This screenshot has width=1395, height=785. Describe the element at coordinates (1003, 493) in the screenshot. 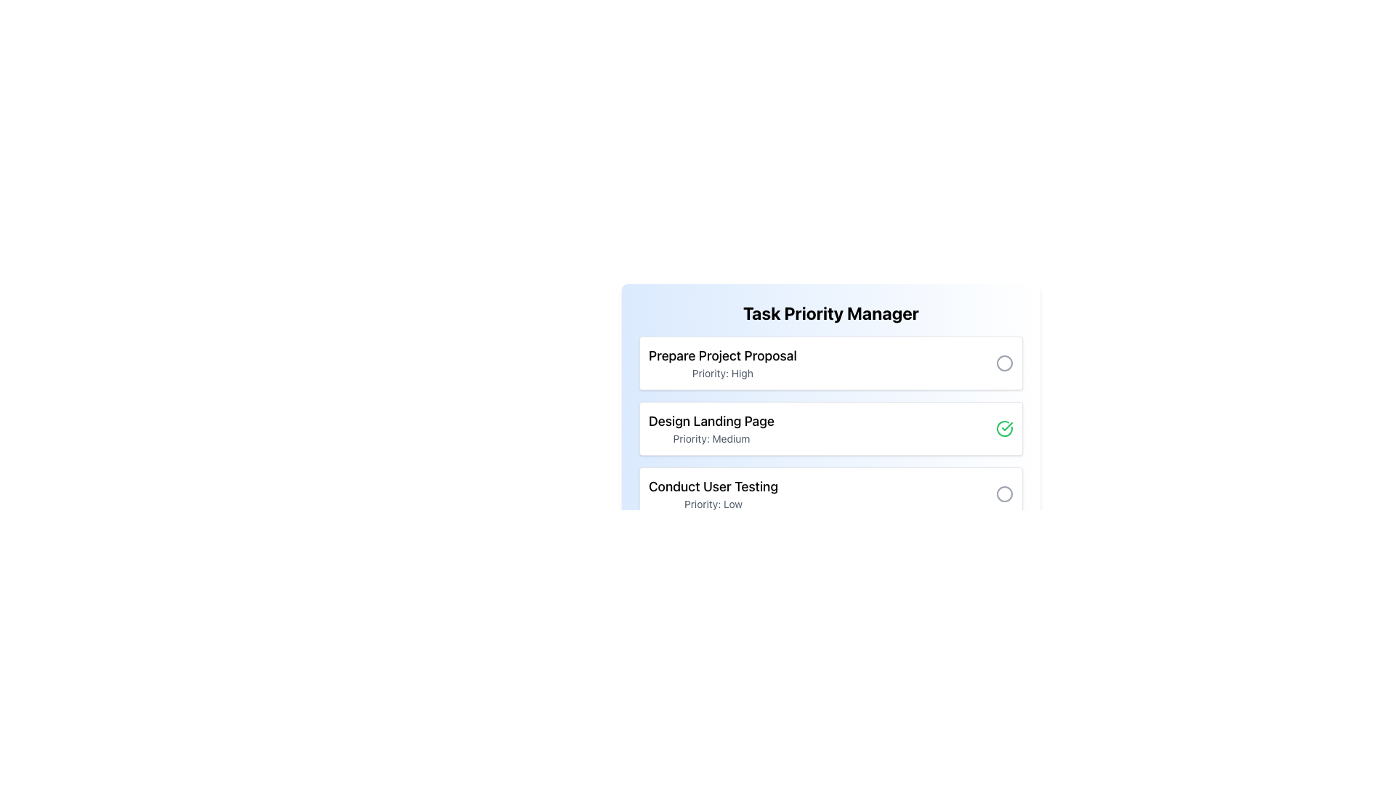

I see `the icon button located at the far-right end of the third row of items associated with the 'Conduct User Testing' task` at that location.